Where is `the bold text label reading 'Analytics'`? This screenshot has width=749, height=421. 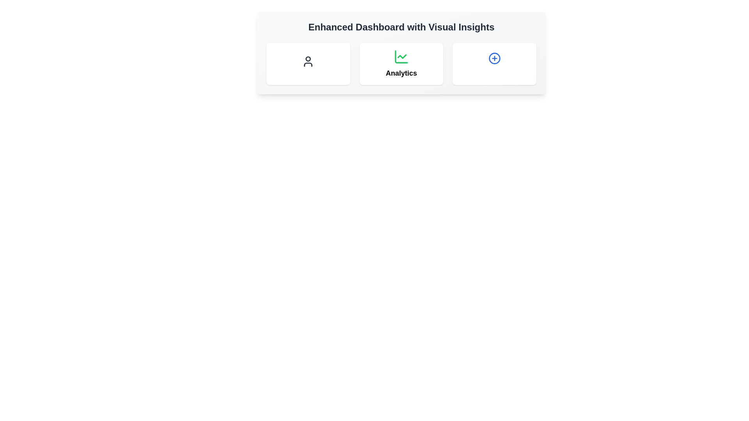
the bold text label reading 'Analytics' is located at coordinates (401, 73).